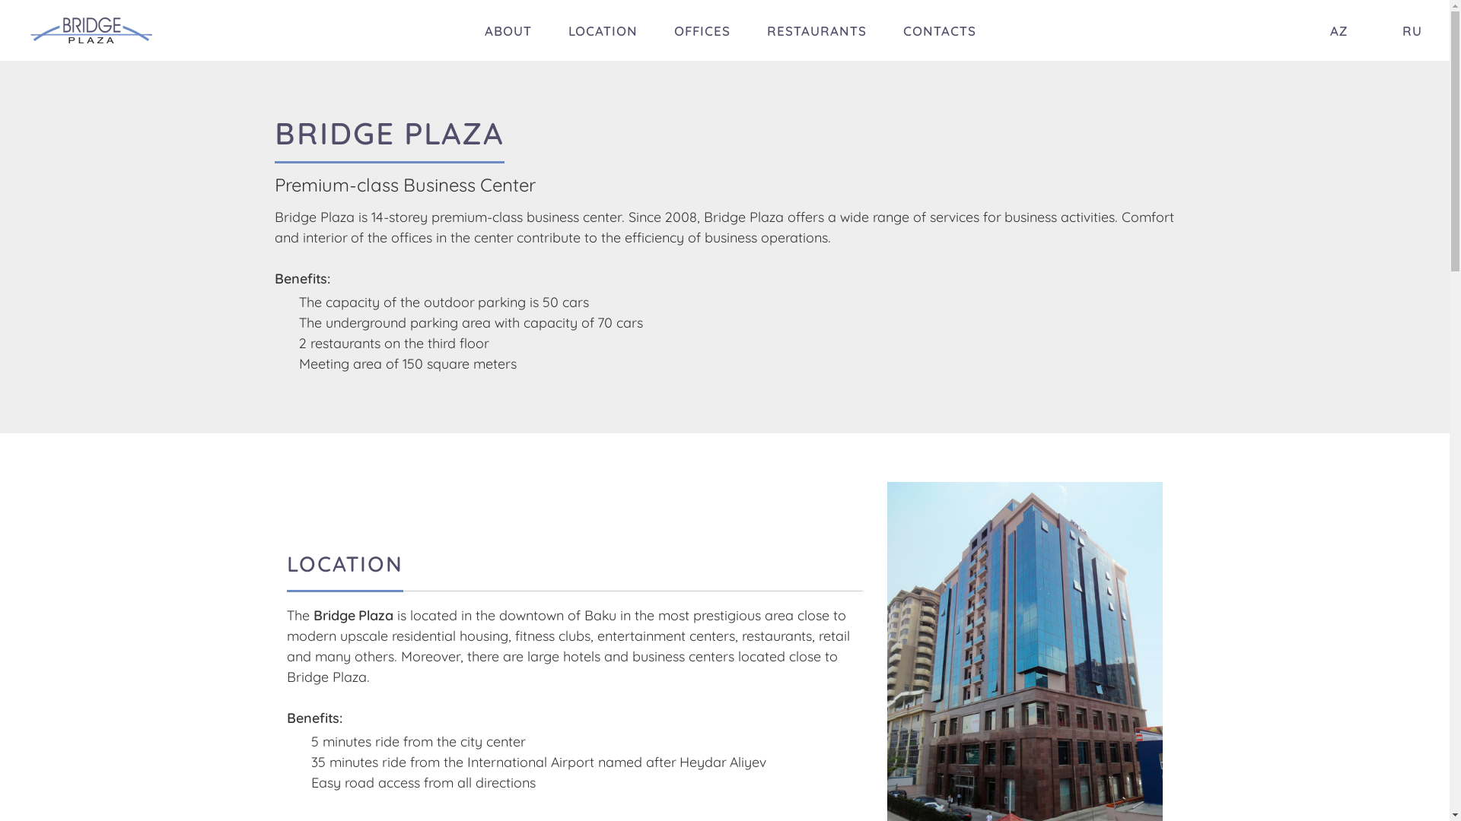  Describe the element at coordinates (508, 30) in the screenshot. I see `'ABOUT'` at that location.